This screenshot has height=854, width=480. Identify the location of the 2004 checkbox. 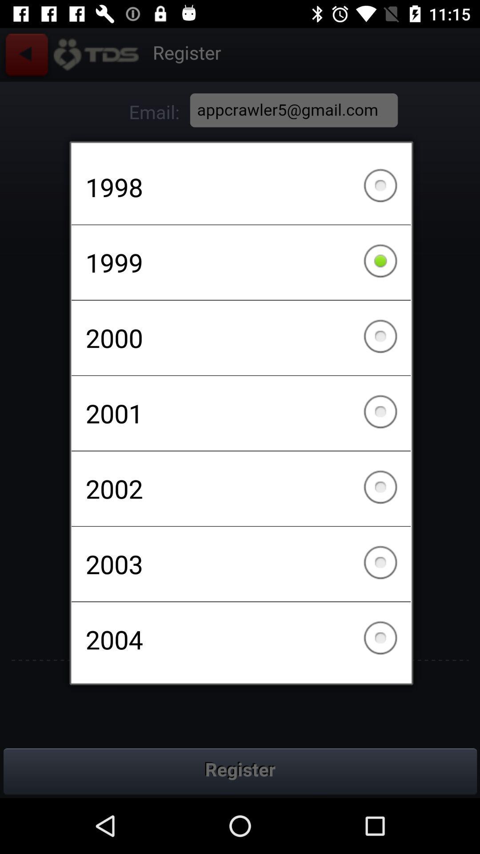
(241, 639).